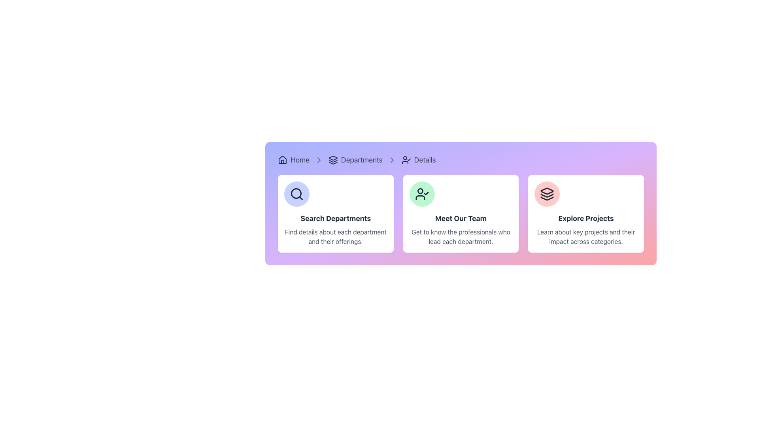 This screenshot has height=427, width=759. Describe the element at coordinates (296, 194) in the screenshot. I see `the search icon, which is a magnifying glass on a circular indigo background, located within the 'Search Departments' card` at that location.